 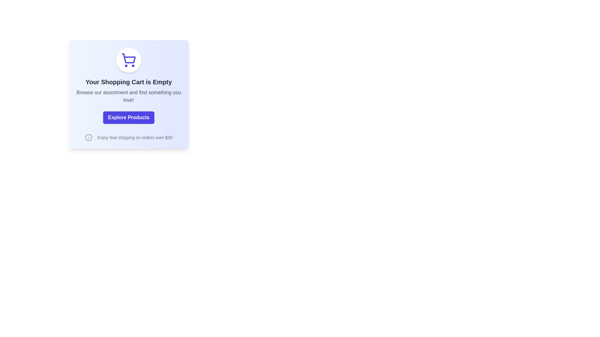 I want to click on the 'Explore Products' button, which is a blue-indigo button with white text and a shadow effect, located prominently within a card layout, so click(x=128, y=118).